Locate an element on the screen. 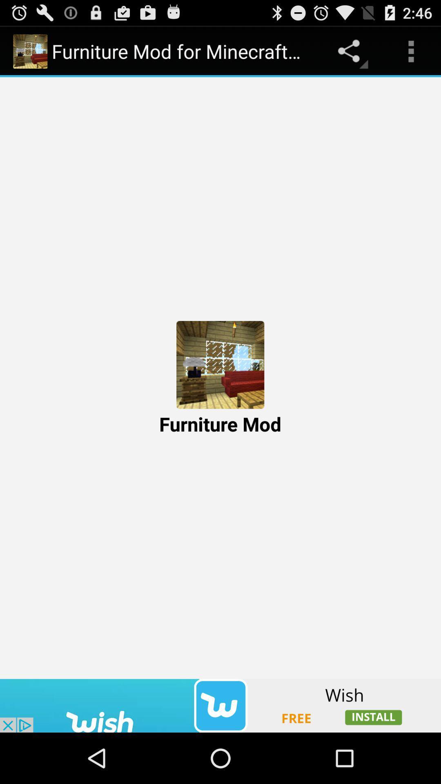 The width and height of the screenshot is (441, 784). install wish is located at coordinates (220, 705).